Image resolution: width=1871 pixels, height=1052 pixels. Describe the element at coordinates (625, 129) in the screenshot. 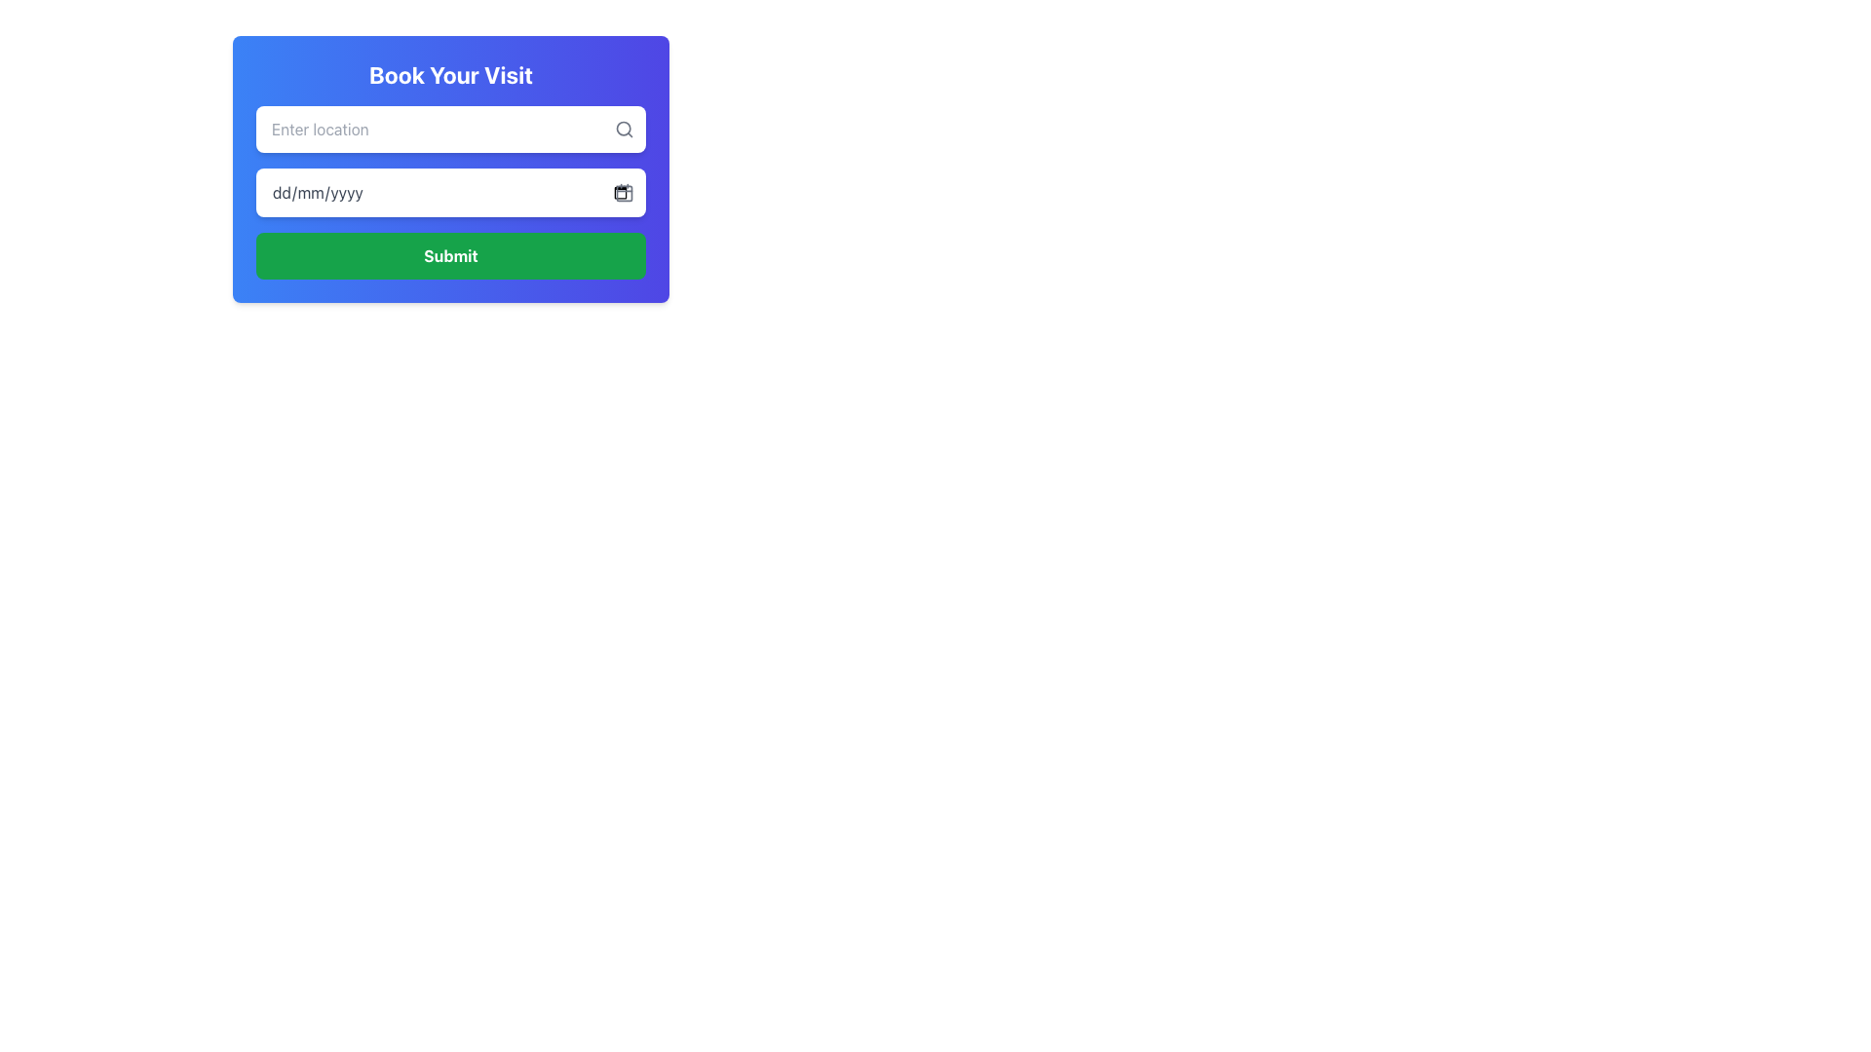

I see `the search icon located to the right of the text input field labeled with 'Enter location', which serves as a visual indicator for search functionality` at that location.